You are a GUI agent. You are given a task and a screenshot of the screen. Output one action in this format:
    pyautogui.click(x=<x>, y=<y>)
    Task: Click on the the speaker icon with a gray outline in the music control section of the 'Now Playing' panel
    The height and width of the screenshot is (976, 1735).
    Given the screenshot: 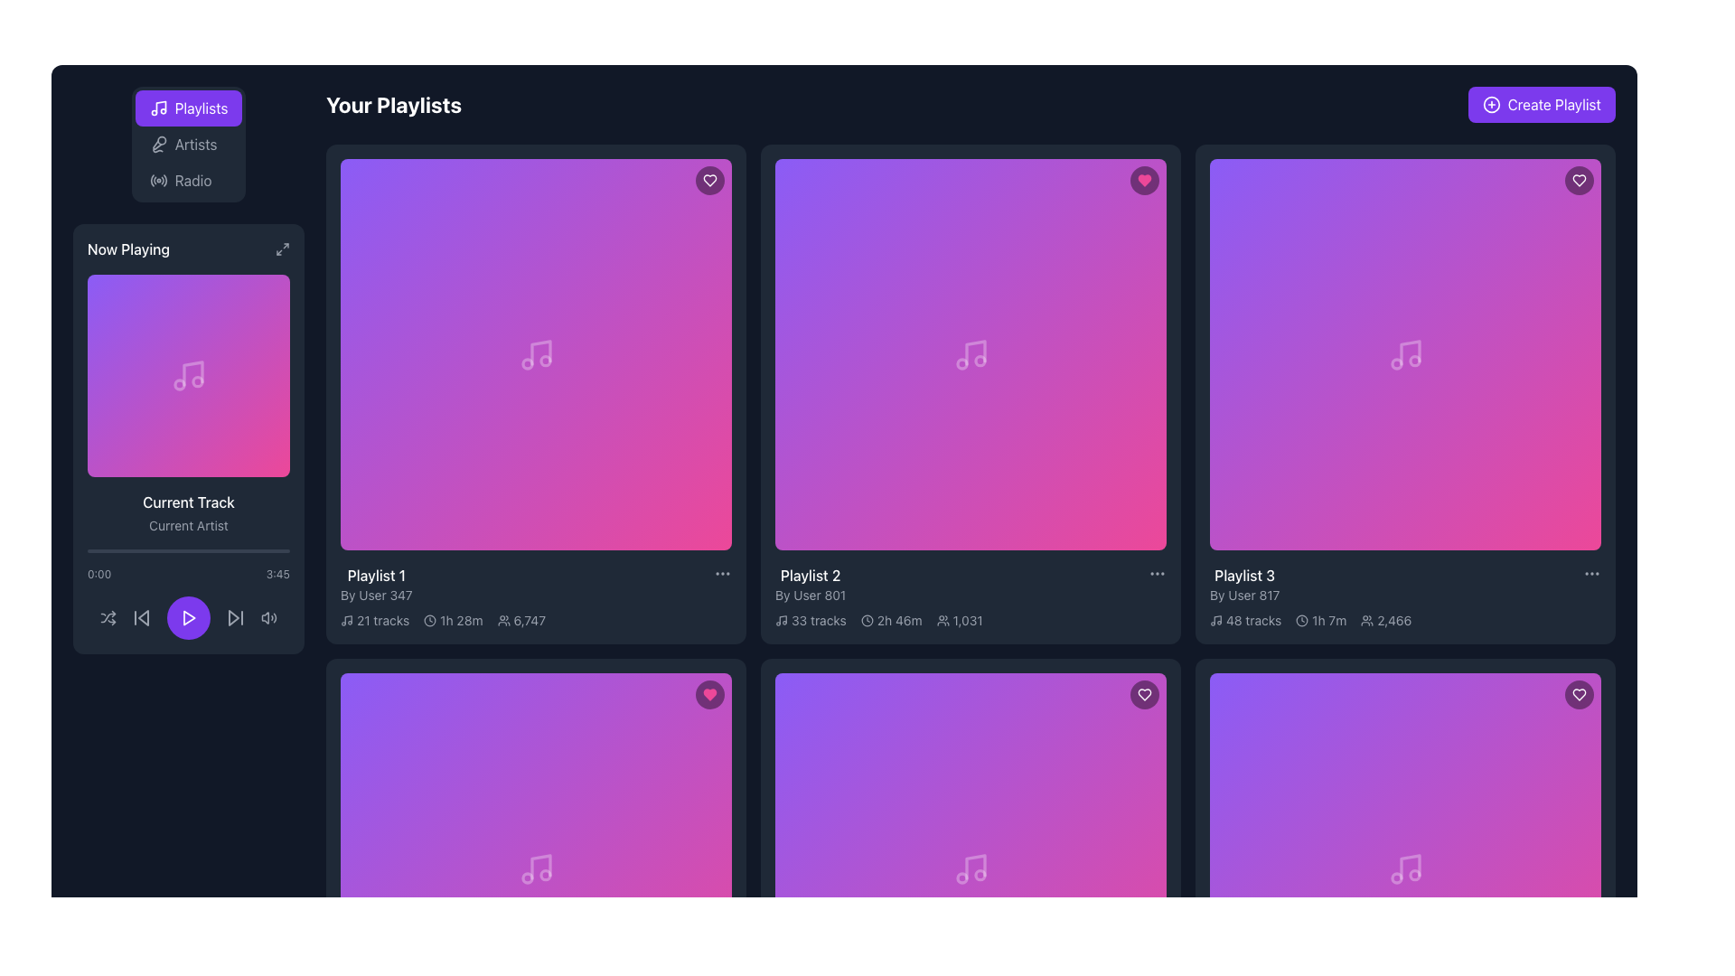 What is the action you would take?
    pyautogui.click(x=267, y=616)
    